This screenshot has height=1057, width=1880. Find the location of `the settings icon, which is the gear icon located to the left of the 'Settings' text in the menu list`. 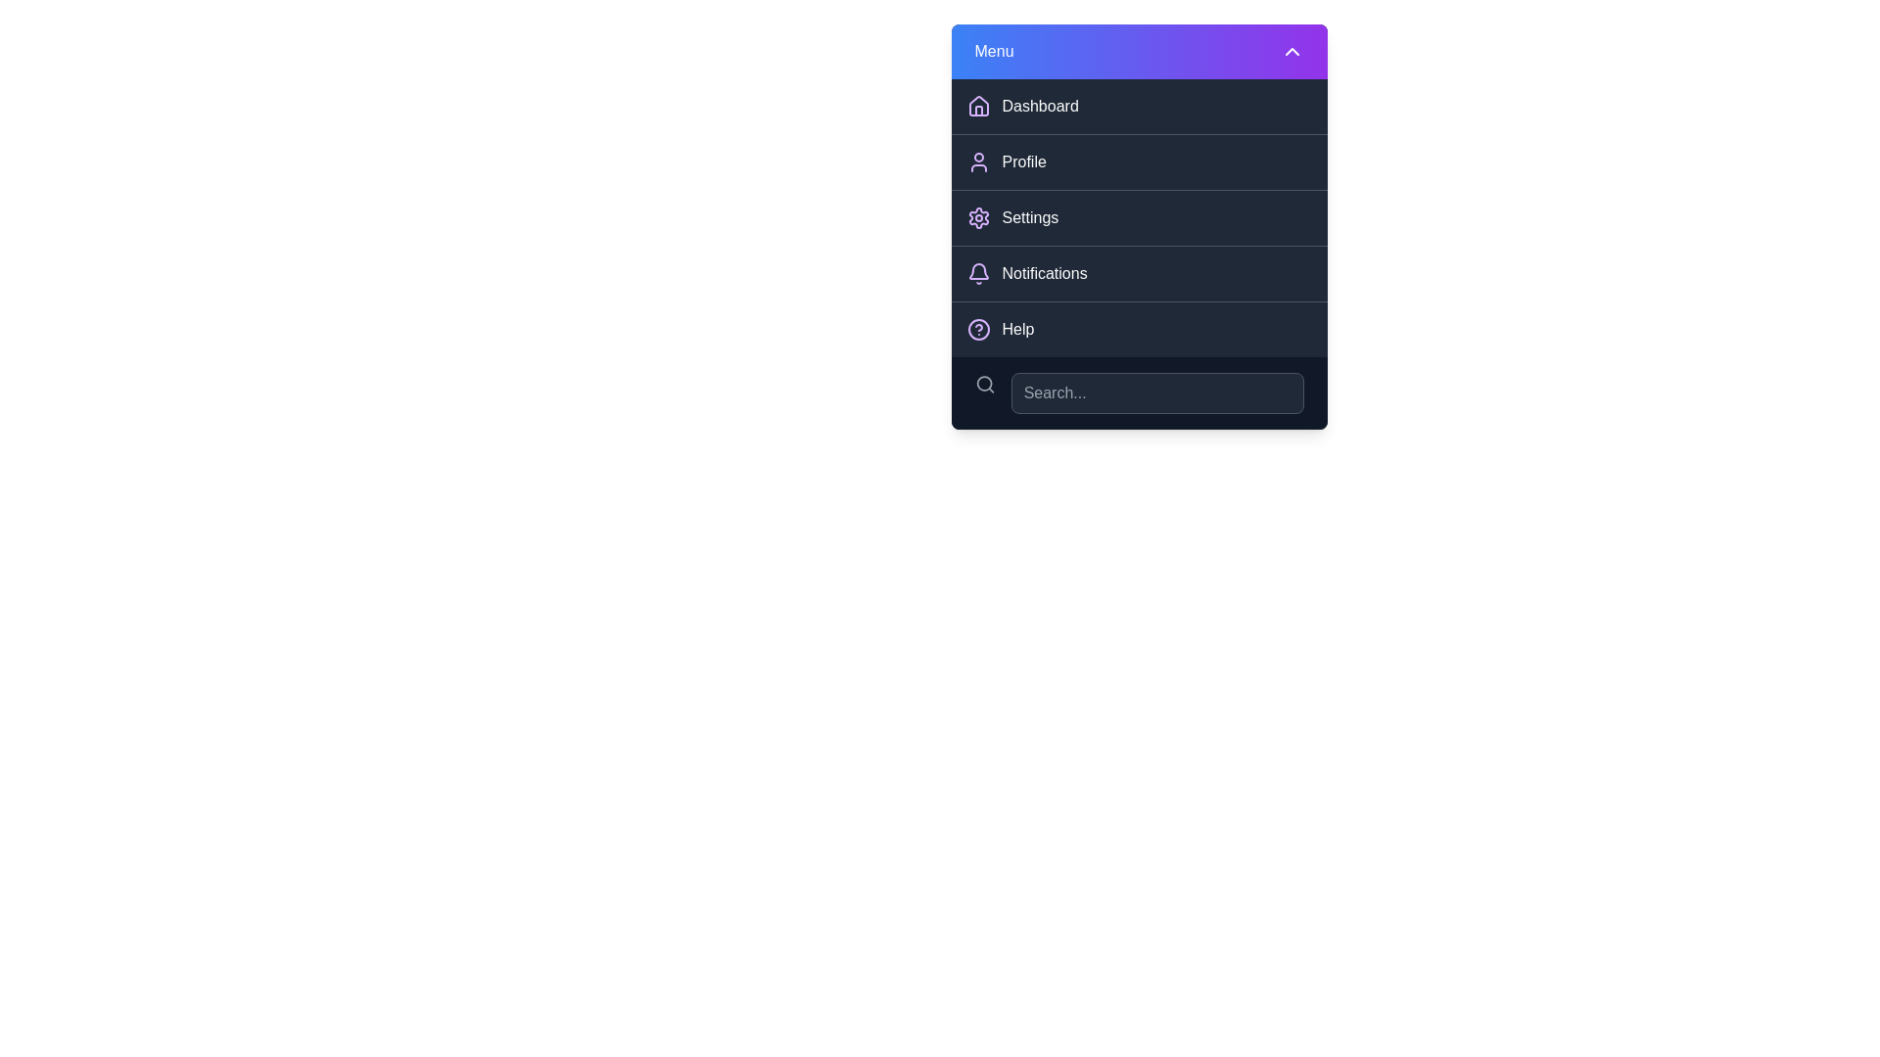

the settings icon, which is the gear icon located to the left of the 'Settings' text in the menu list is located at coordinates (978, 218).